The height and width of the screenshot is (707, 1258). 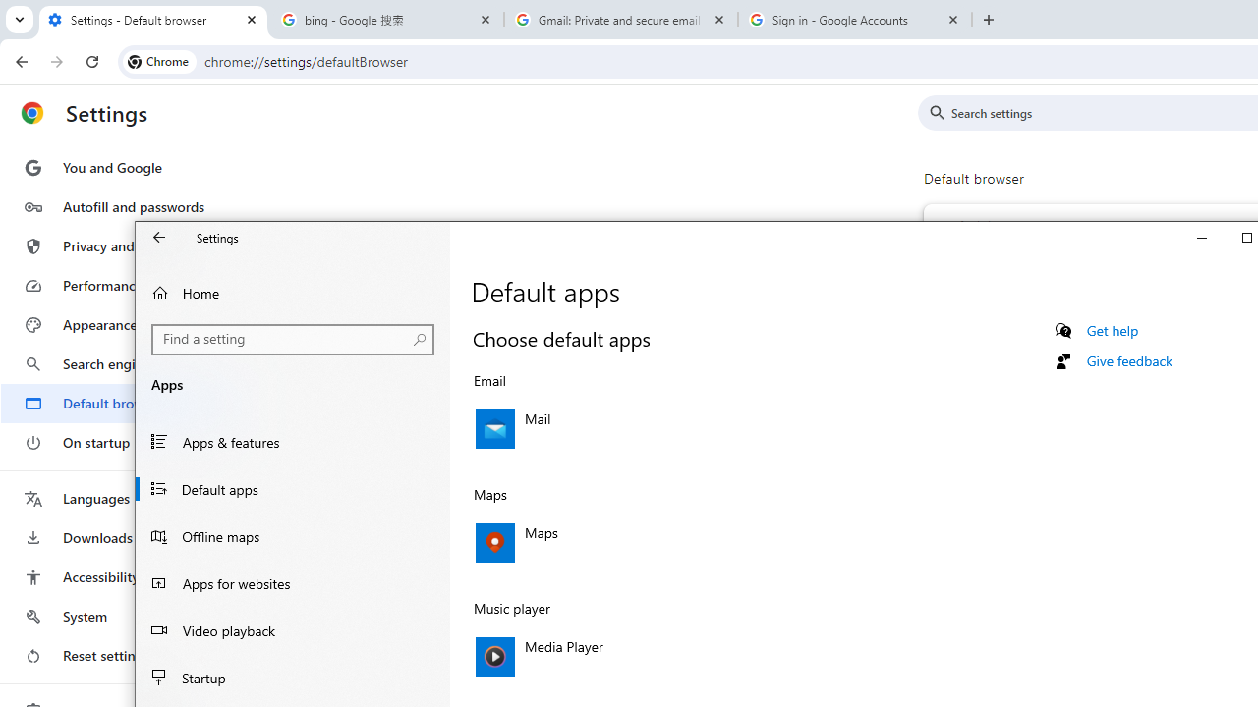 What do you see at coordinates (679, 427) in the screenshot?
I see `'Email, Mail'` at bounding box center [679, 427].